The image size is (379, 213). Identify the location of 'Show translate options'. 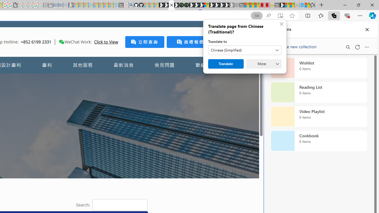
(257, 15).